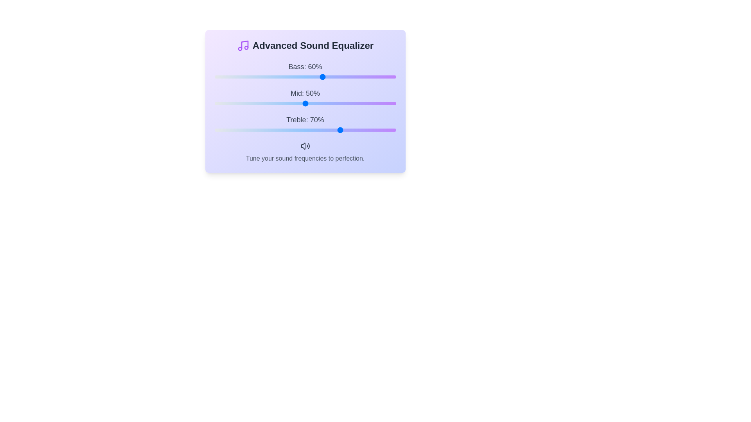 The height and width of the screenshot is (422, 751). I want to click on the text header 'Advanced Sound Equalizer', so click(305, 45).